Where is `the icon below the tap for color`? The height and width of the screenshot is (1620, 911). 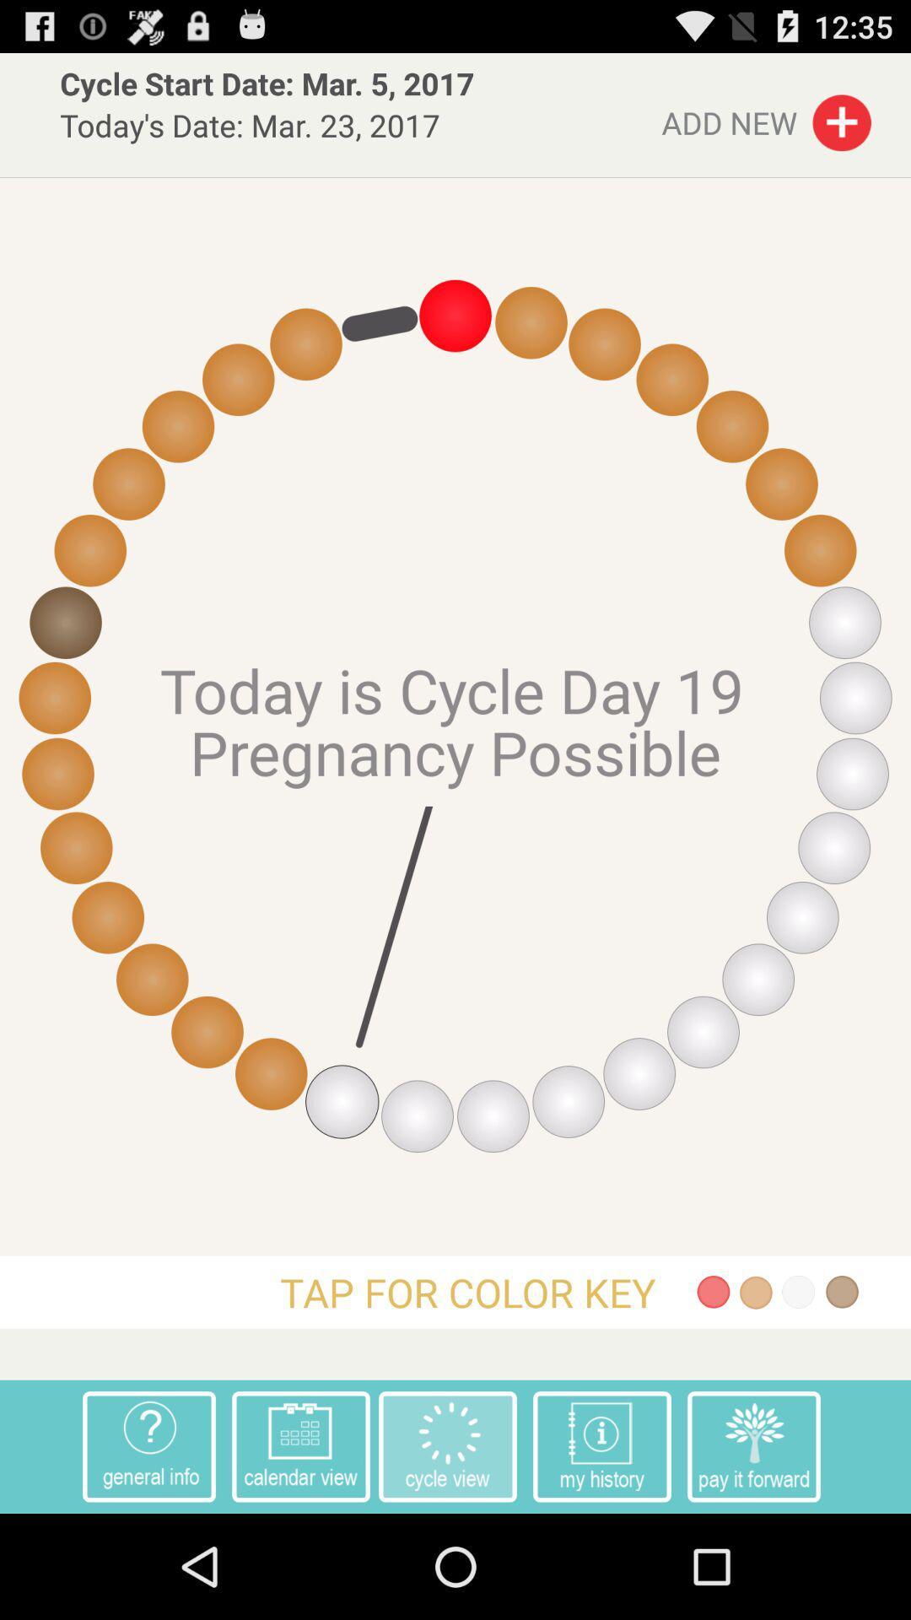
the icon below the tap for color is located at coordinates (300, 1445).